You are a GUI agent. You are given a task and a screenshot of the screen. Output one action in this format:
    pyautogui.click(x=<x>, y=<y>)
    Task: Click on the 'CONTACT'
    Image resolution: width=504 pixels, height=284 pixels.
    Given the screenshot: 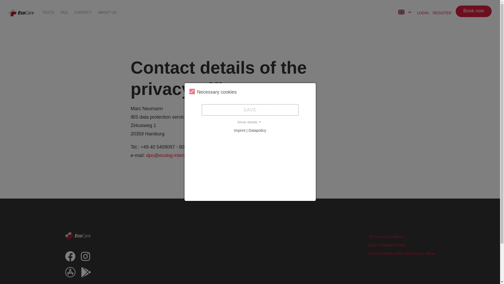 What is the action you would take?
    pyautogui.click(x=82, y=12)
    